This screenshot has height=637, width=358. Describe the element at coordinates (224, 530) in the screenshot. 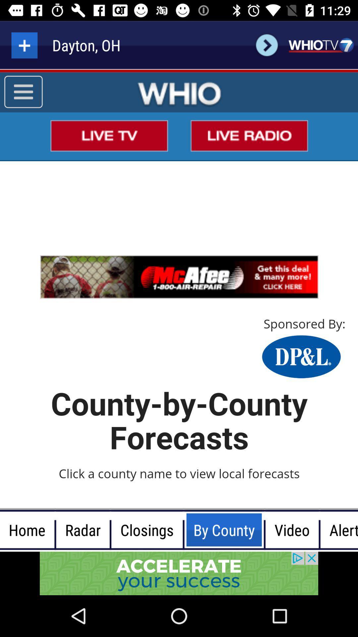

I see `the button on right of closings` at that location.